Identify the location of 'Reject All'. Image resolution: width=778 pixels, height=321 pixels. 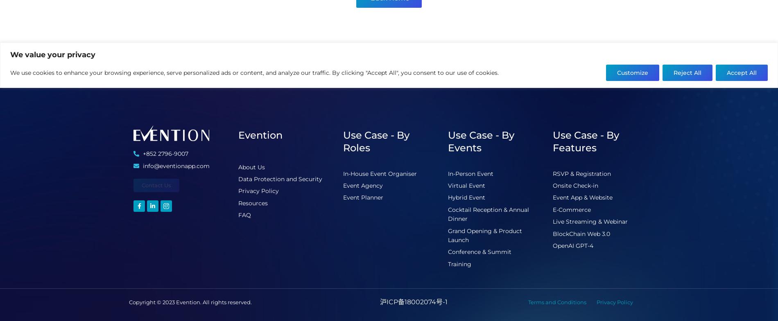
(687, 72).